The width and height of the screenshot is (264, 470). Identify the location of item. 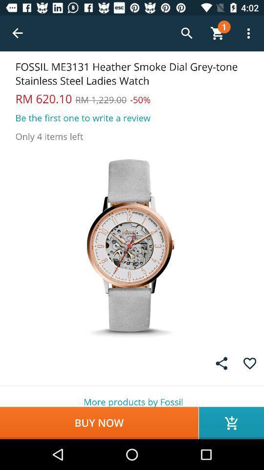
(250, 363).